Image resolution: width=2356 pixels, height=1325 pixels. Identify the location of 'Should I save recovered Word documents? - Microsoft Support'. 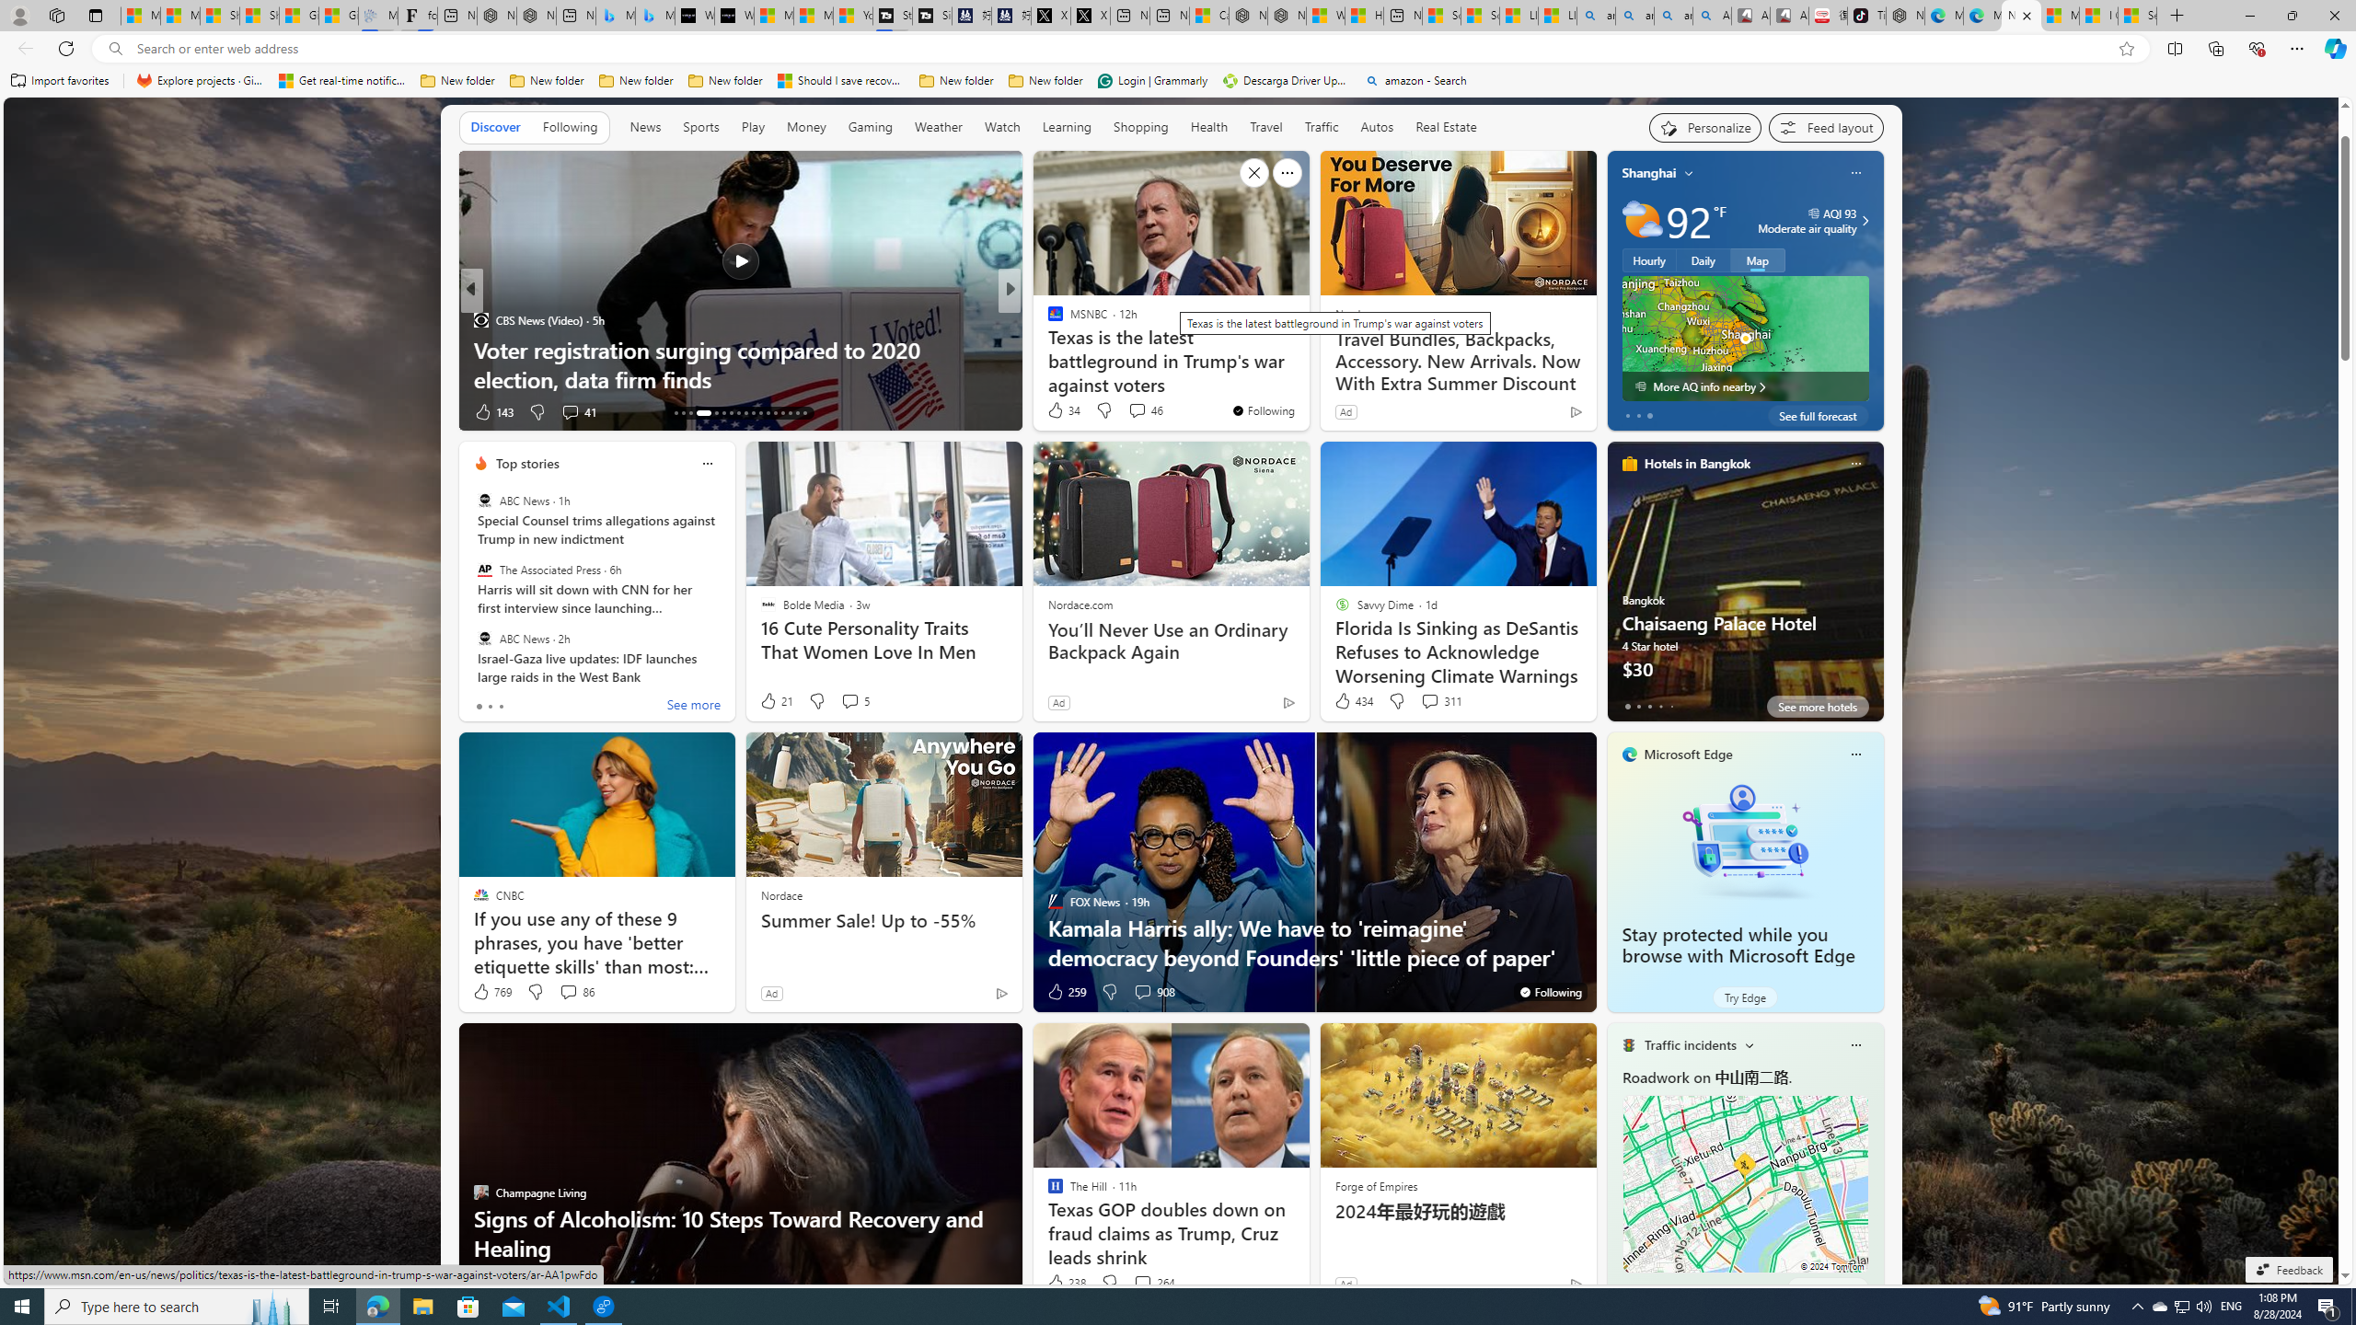
(840, 80).